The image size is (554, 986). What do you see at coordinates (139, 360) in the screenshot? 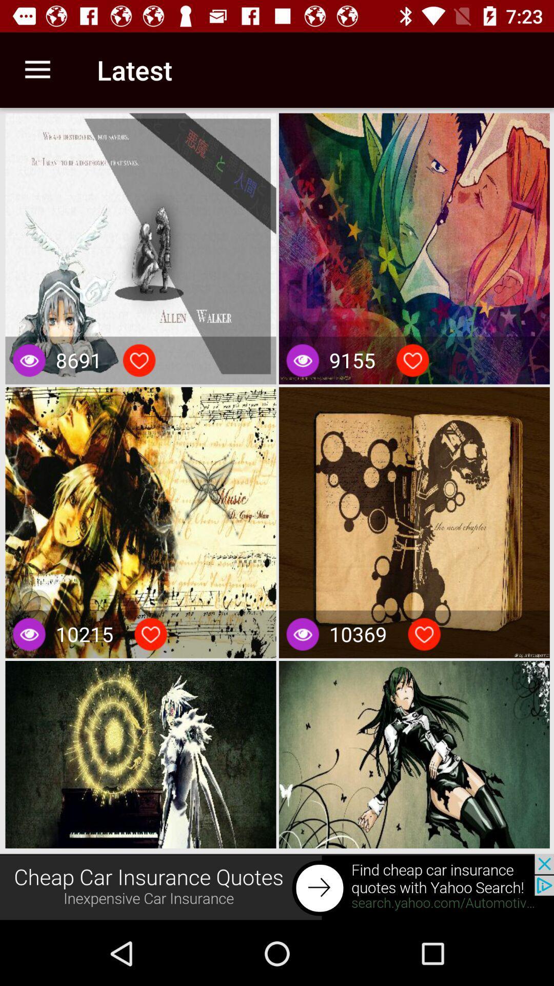
I see `this video` at bounding box center [139, 360].